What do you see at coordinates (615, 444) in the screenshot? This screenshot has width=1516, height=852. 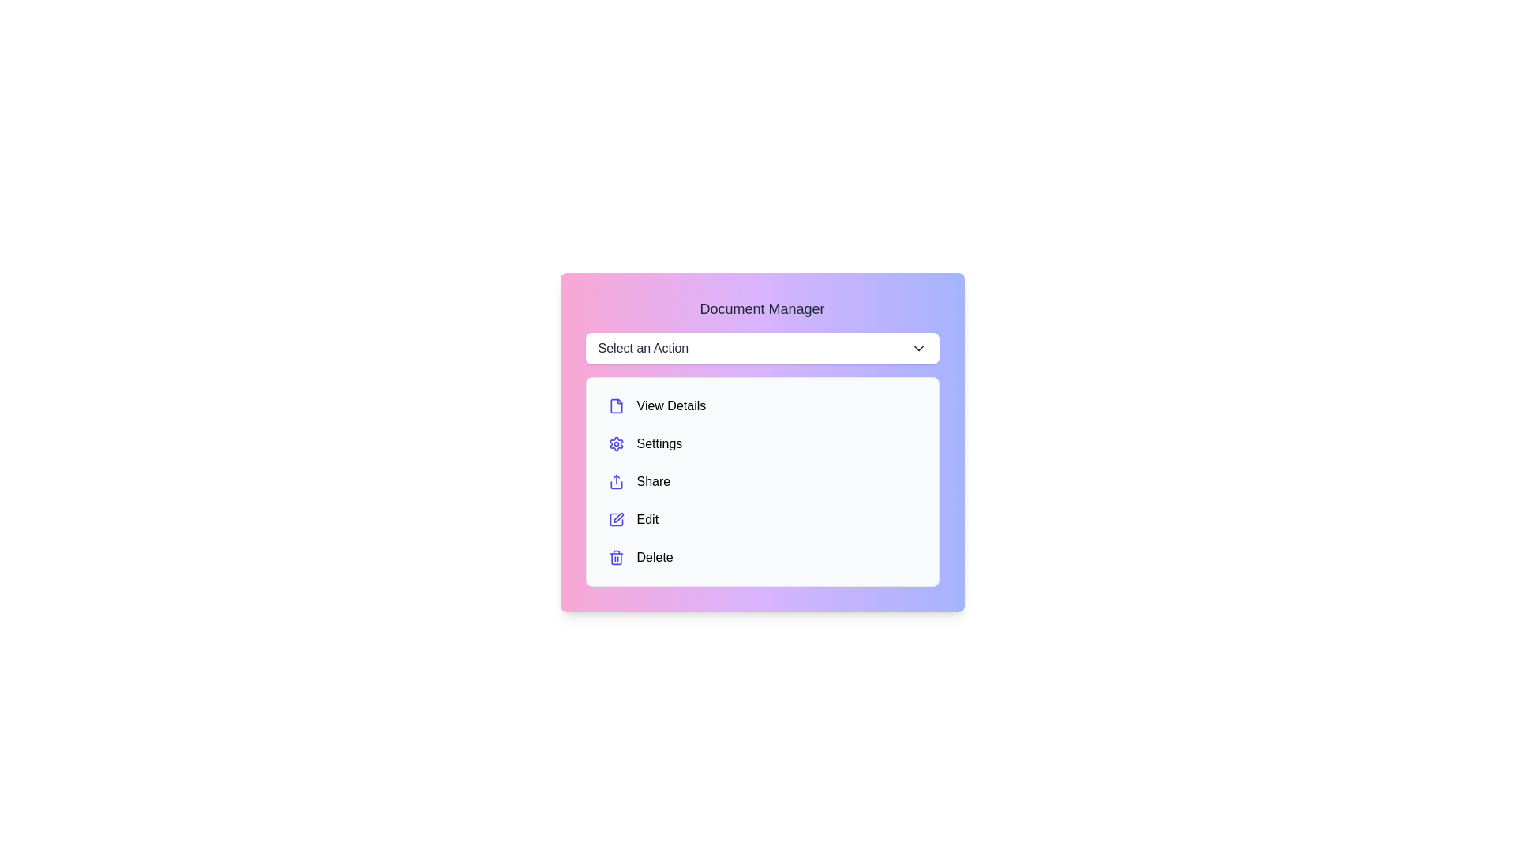 I see `the cogwheel-shaped settings icon, which is a visual part of the settings options in the second row of icons beneath the dropdown on the main interface` at bounding box center [615, 444].